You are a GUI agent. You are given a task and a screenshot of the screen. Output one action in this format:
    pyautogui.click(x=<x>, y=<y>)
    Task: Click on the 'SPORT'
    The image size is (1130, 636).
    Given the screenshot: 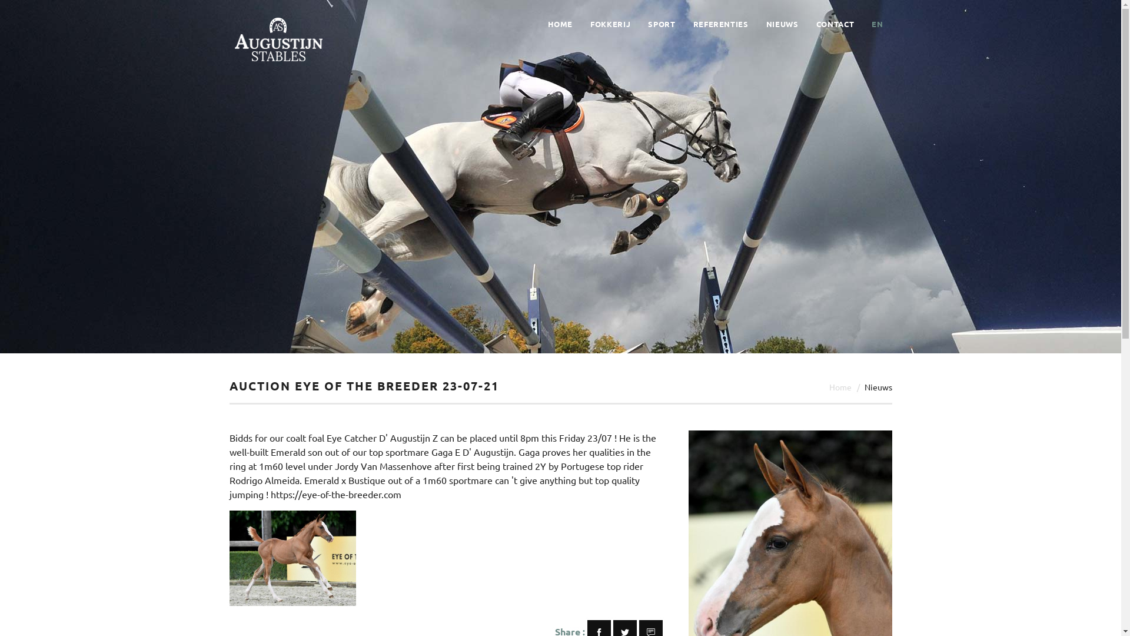 What is the action you would take?
    pyautogui.click(x=661, y=24)
    